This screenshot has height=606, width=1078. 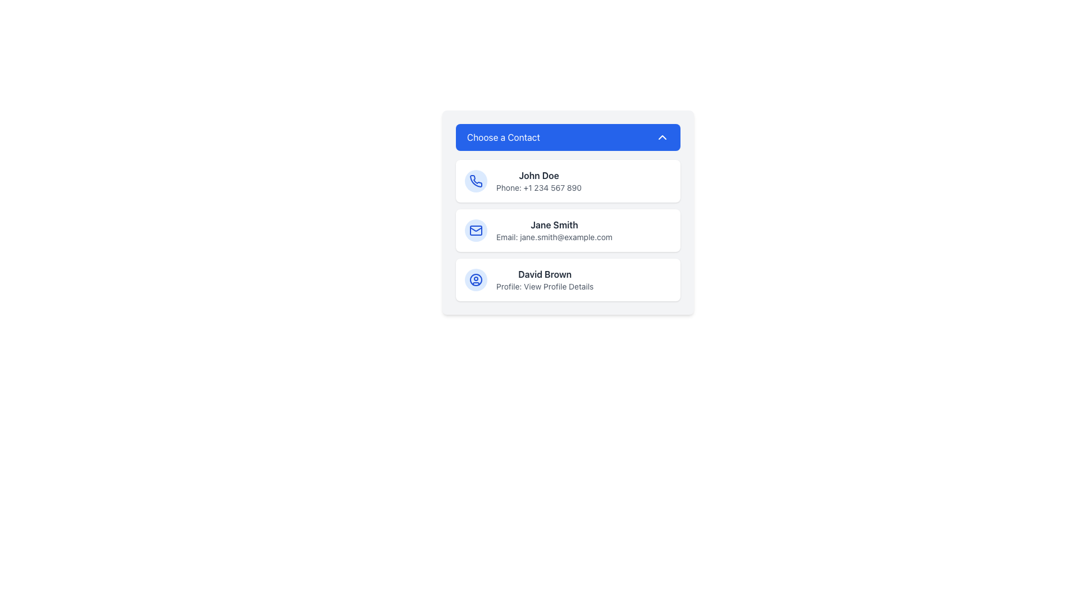 I want to click on the upward-pointing chevron icon located on the right-hand side of the blue button labeled 'Choose a Contact', so click(x=663, y=137).